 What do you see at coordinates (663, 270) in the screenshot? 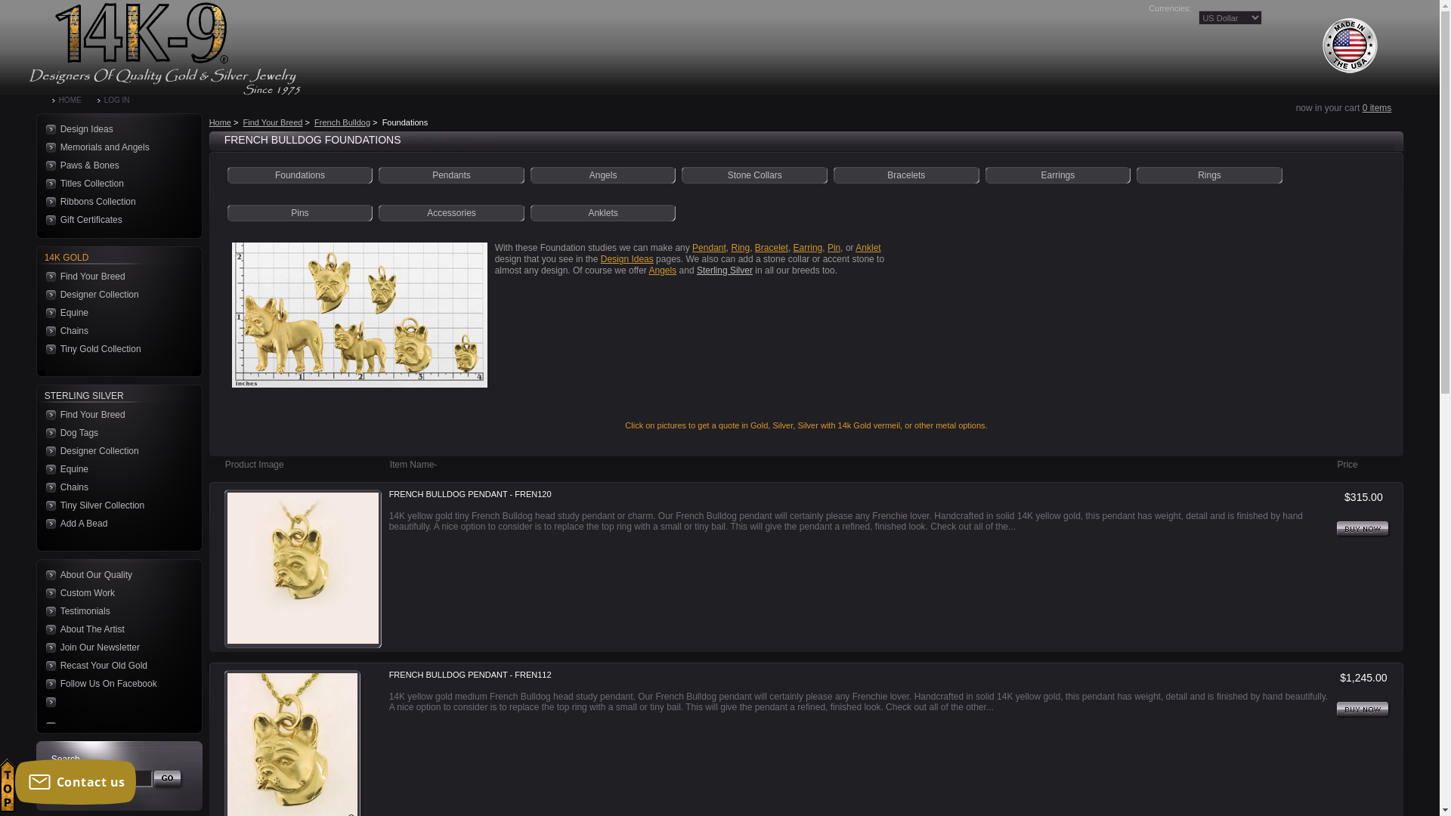
I see `'Angels'` at bounding box center [663, 270].